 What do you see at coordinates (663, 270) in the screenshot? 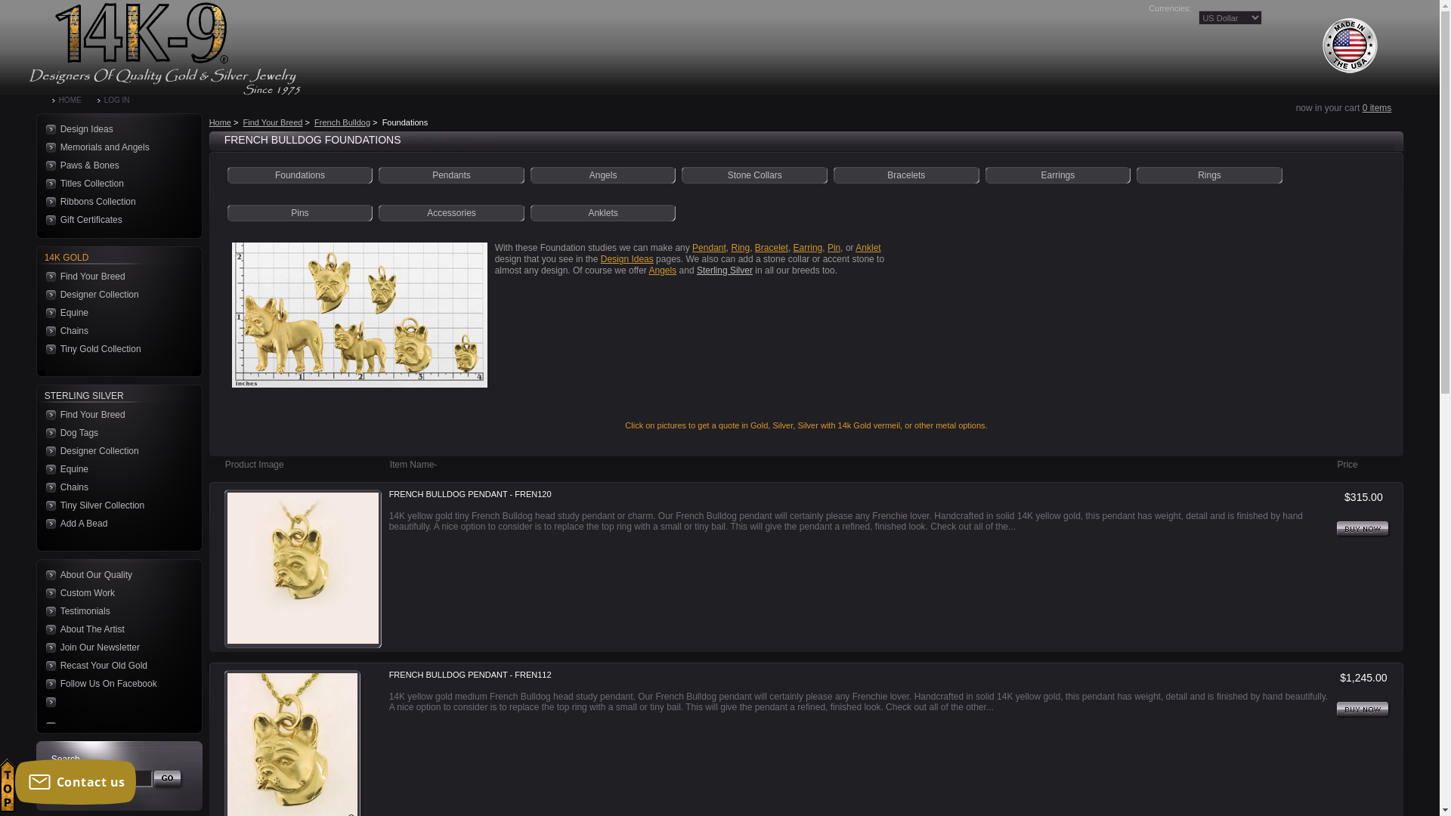
I see `'Angels'` at bounding box center [663, 270].